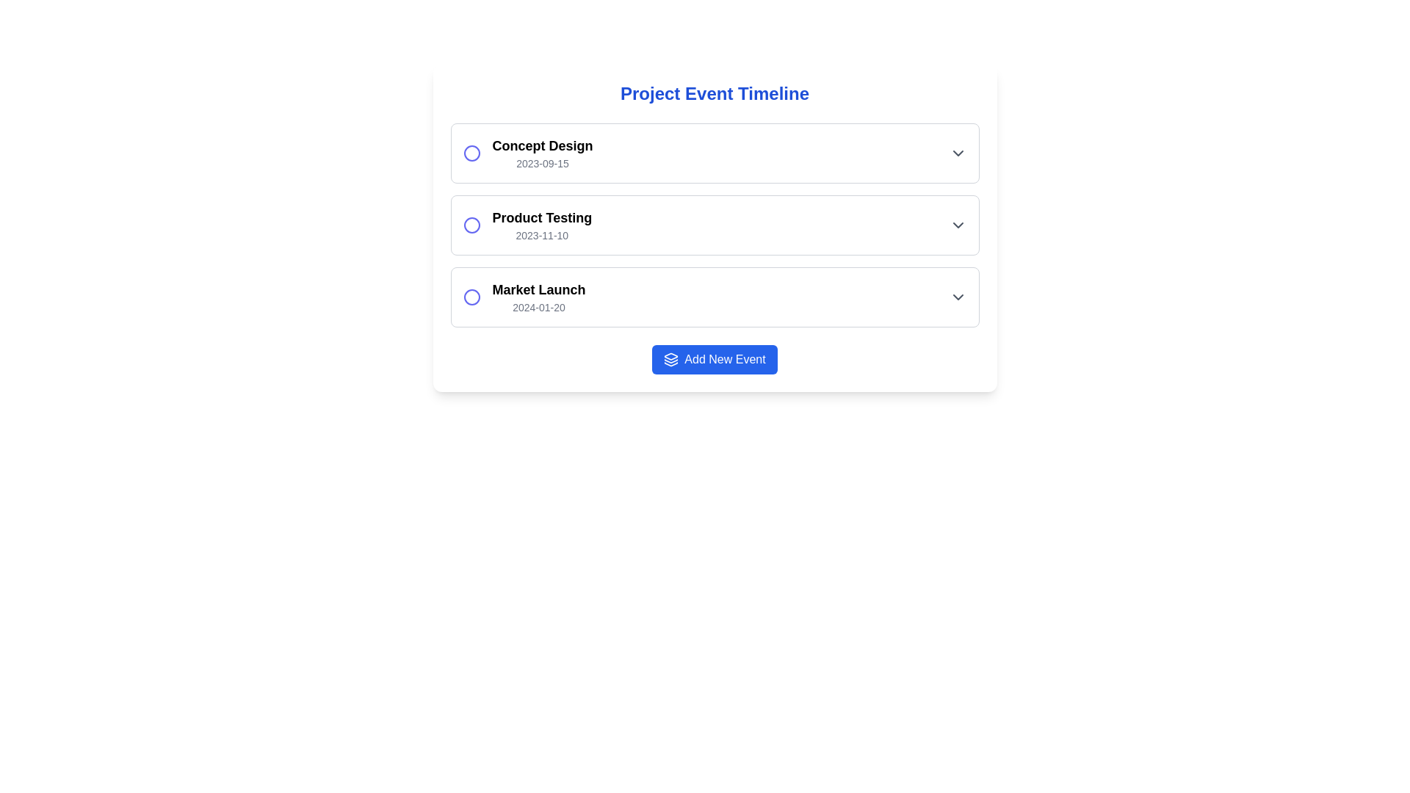 The width and height of the screenshot is (1410, 793). I want to click on the List item with the title 'Market Launch' and subtitle '2024-01-20', which is the third item in the list and has a circular icon with a blue outline on the left side, so click(524, 297).